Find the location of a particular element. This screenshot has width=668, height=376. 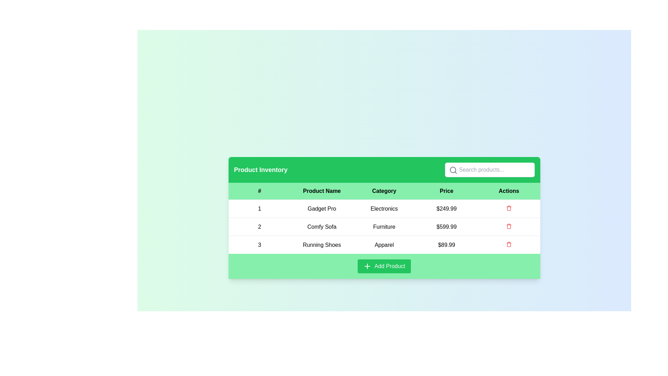

the icon button with a trash can design located in the 'Actions' column of the table for the 'Gadget Pro' item is located at coordinates (509, 207).